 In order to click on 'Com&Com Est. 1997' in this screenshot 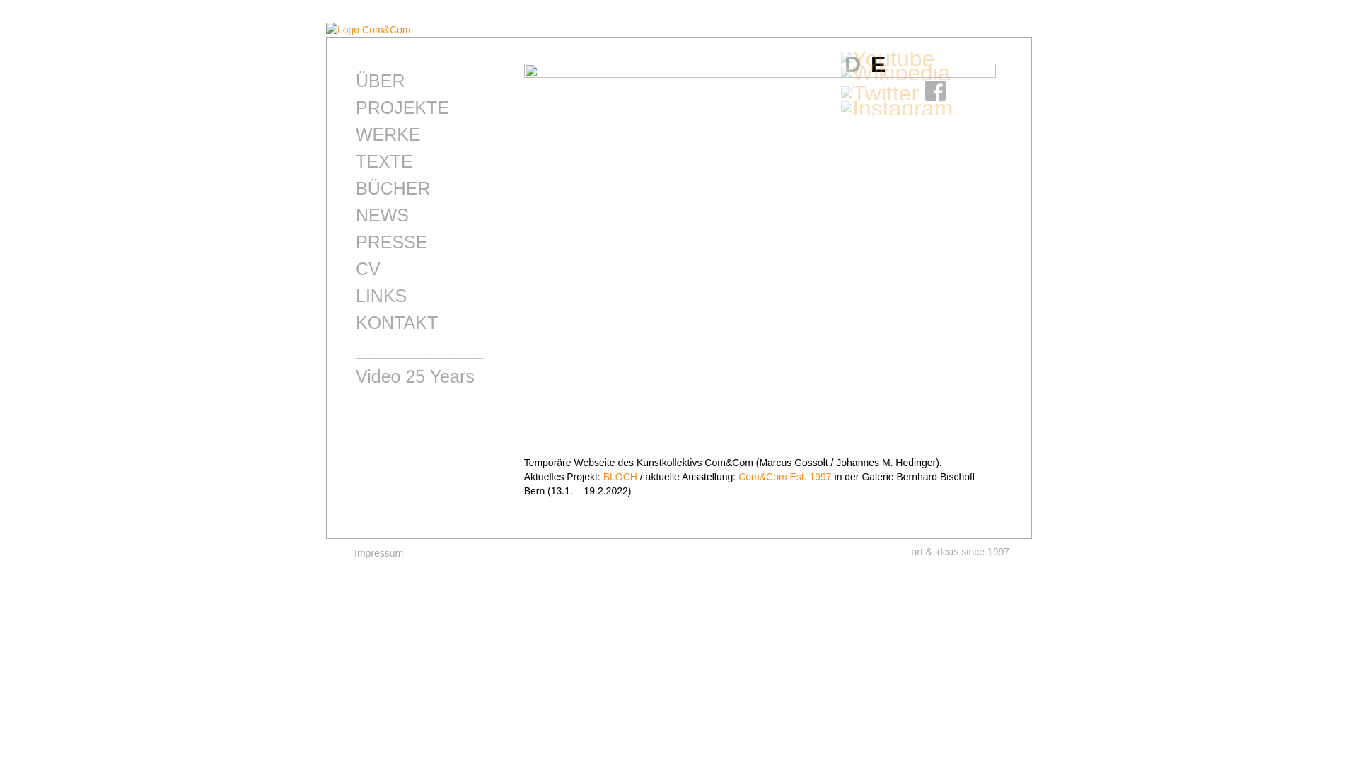, I will do `click(784, 477)`.